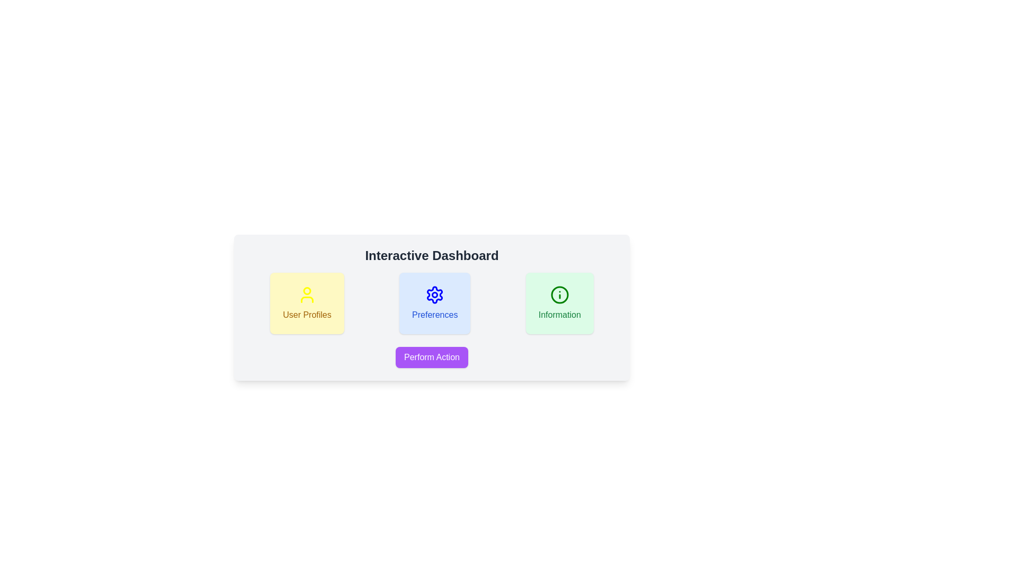  I want to click on the configuration icon for the 'Preferences' functionality located at the center of the 'Preferences' section below the 'Interactive Dashboard' heading, so click(435, 294).